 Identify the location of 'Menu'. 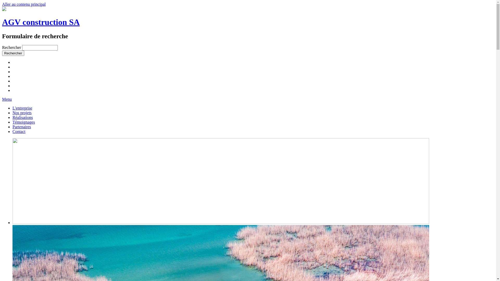
(2, 99).